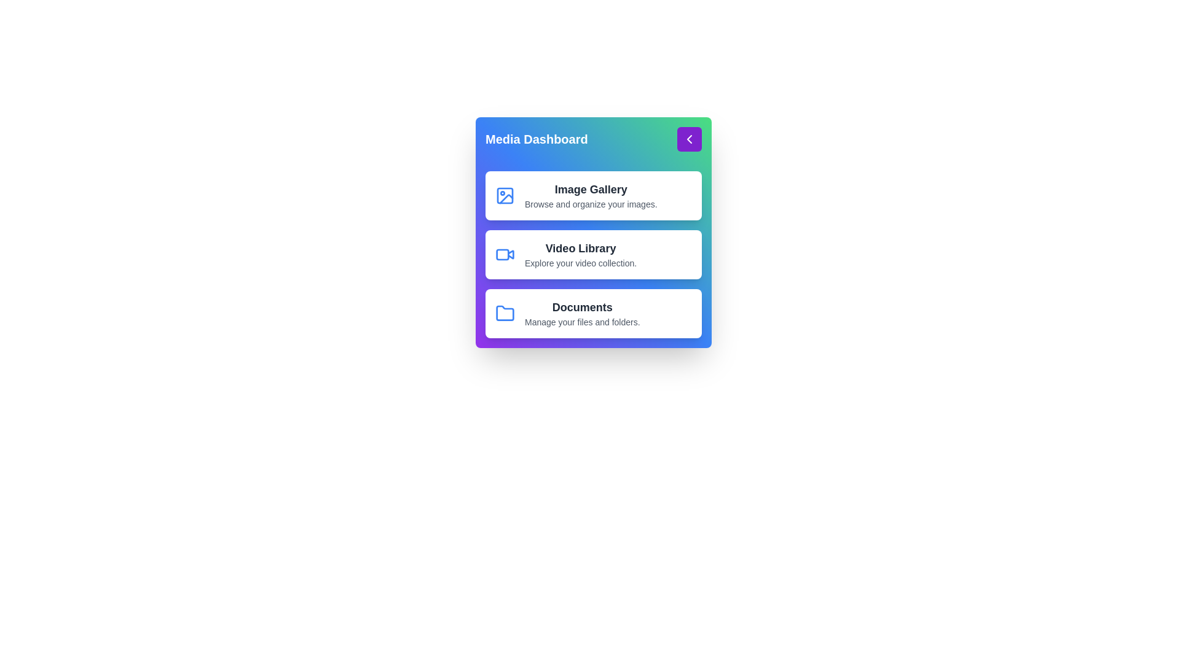 This screenshot has height=663, width=1180. What do you see at coordinates (690, 139) in the screenshot?
I see `the arrow button to toggle the menu visibility` at bounding box center [690, 139].